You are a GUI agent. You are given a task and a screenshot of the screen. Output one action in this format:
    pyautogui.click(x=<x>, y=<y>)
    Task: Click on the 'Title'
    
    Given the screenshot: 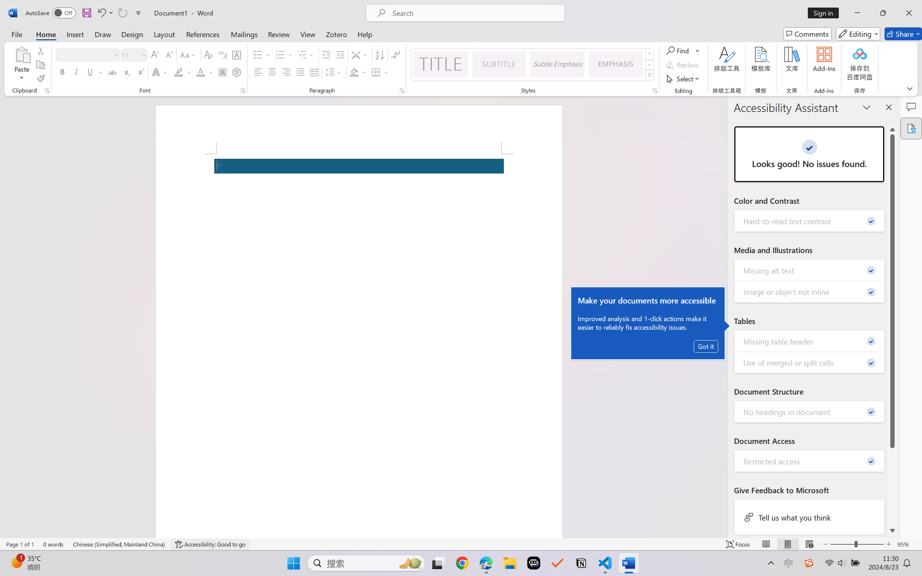 What is the action you would take?
    pyautogui.click(x=440, y=64)
    